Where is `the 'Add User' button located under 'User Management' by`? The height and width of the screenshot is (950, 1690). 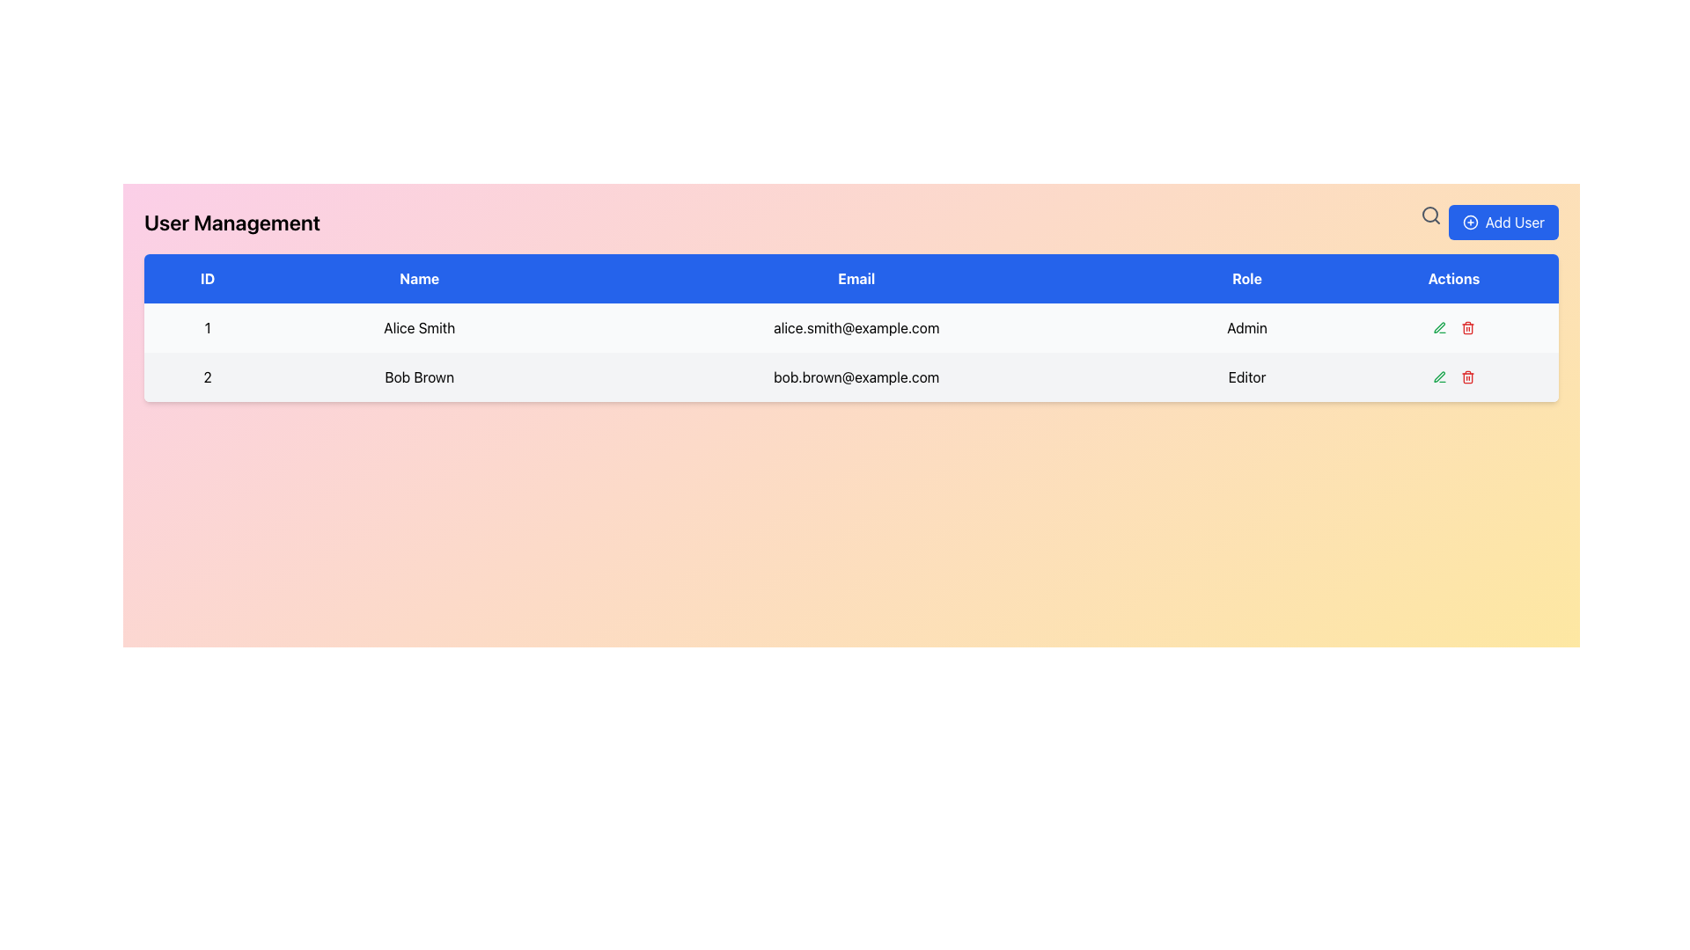
the 'Add User' button located under 'User Management' by is located at coordinates (1488, 222).